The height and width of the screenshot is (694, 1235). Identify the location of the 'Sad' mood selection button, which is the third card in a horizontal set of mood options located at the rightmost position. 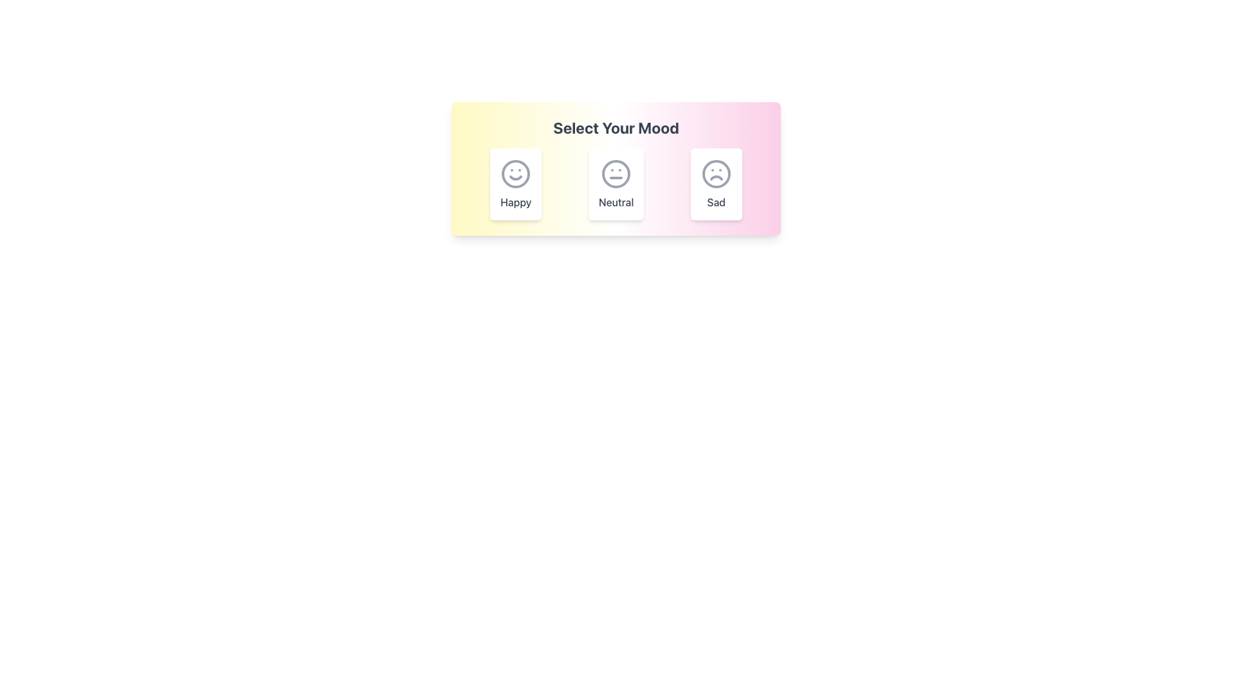
(715, 184).